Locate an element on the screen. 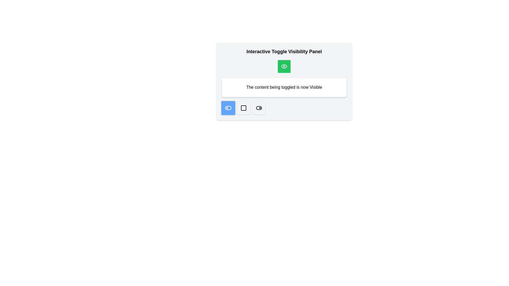  the rounded rectangular button with a blue background and white border, which features a minimalist toggle switch icon on the left, to observe any effects is located at coordinates (228, 108).